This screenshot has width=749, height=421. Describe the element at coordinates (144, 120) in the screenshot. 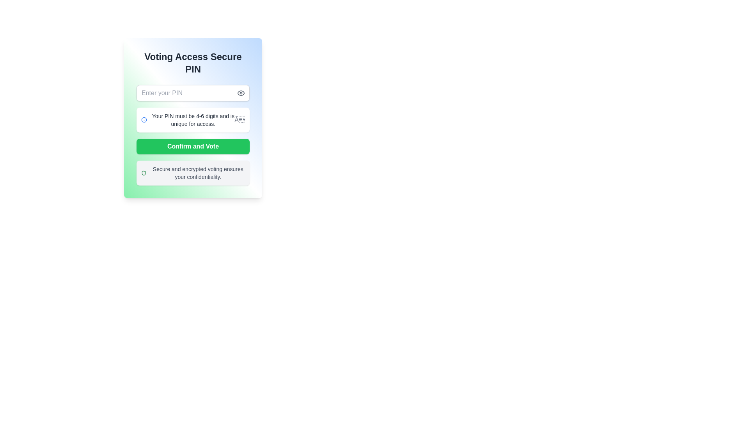

I see `the circular graphical component illustrating the informational message about PIN requirements, located in the middle section of the form` at that location.